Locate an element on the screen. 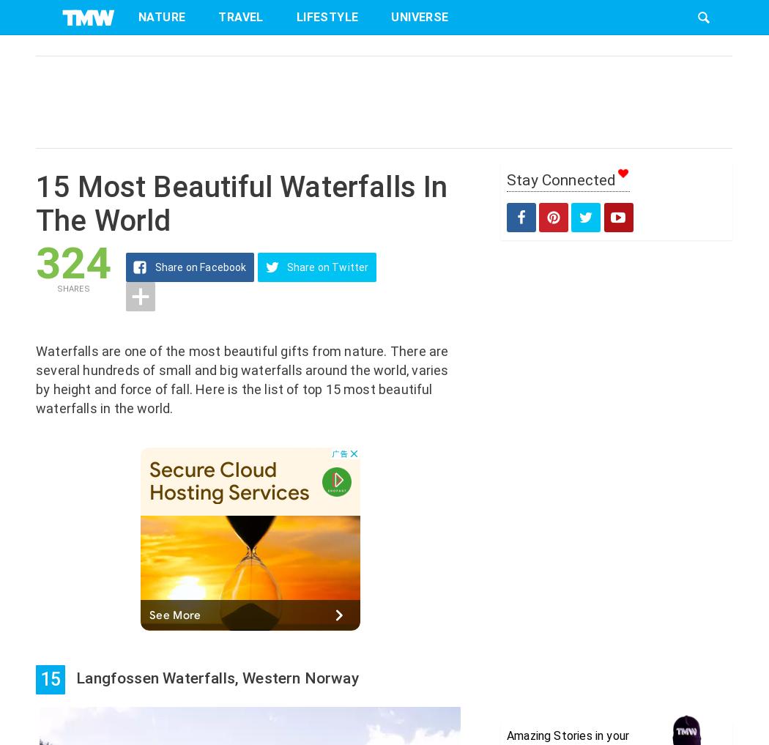 The height and width of the screenshot is (745, 769). '324' is located at coordinates (73, 262).